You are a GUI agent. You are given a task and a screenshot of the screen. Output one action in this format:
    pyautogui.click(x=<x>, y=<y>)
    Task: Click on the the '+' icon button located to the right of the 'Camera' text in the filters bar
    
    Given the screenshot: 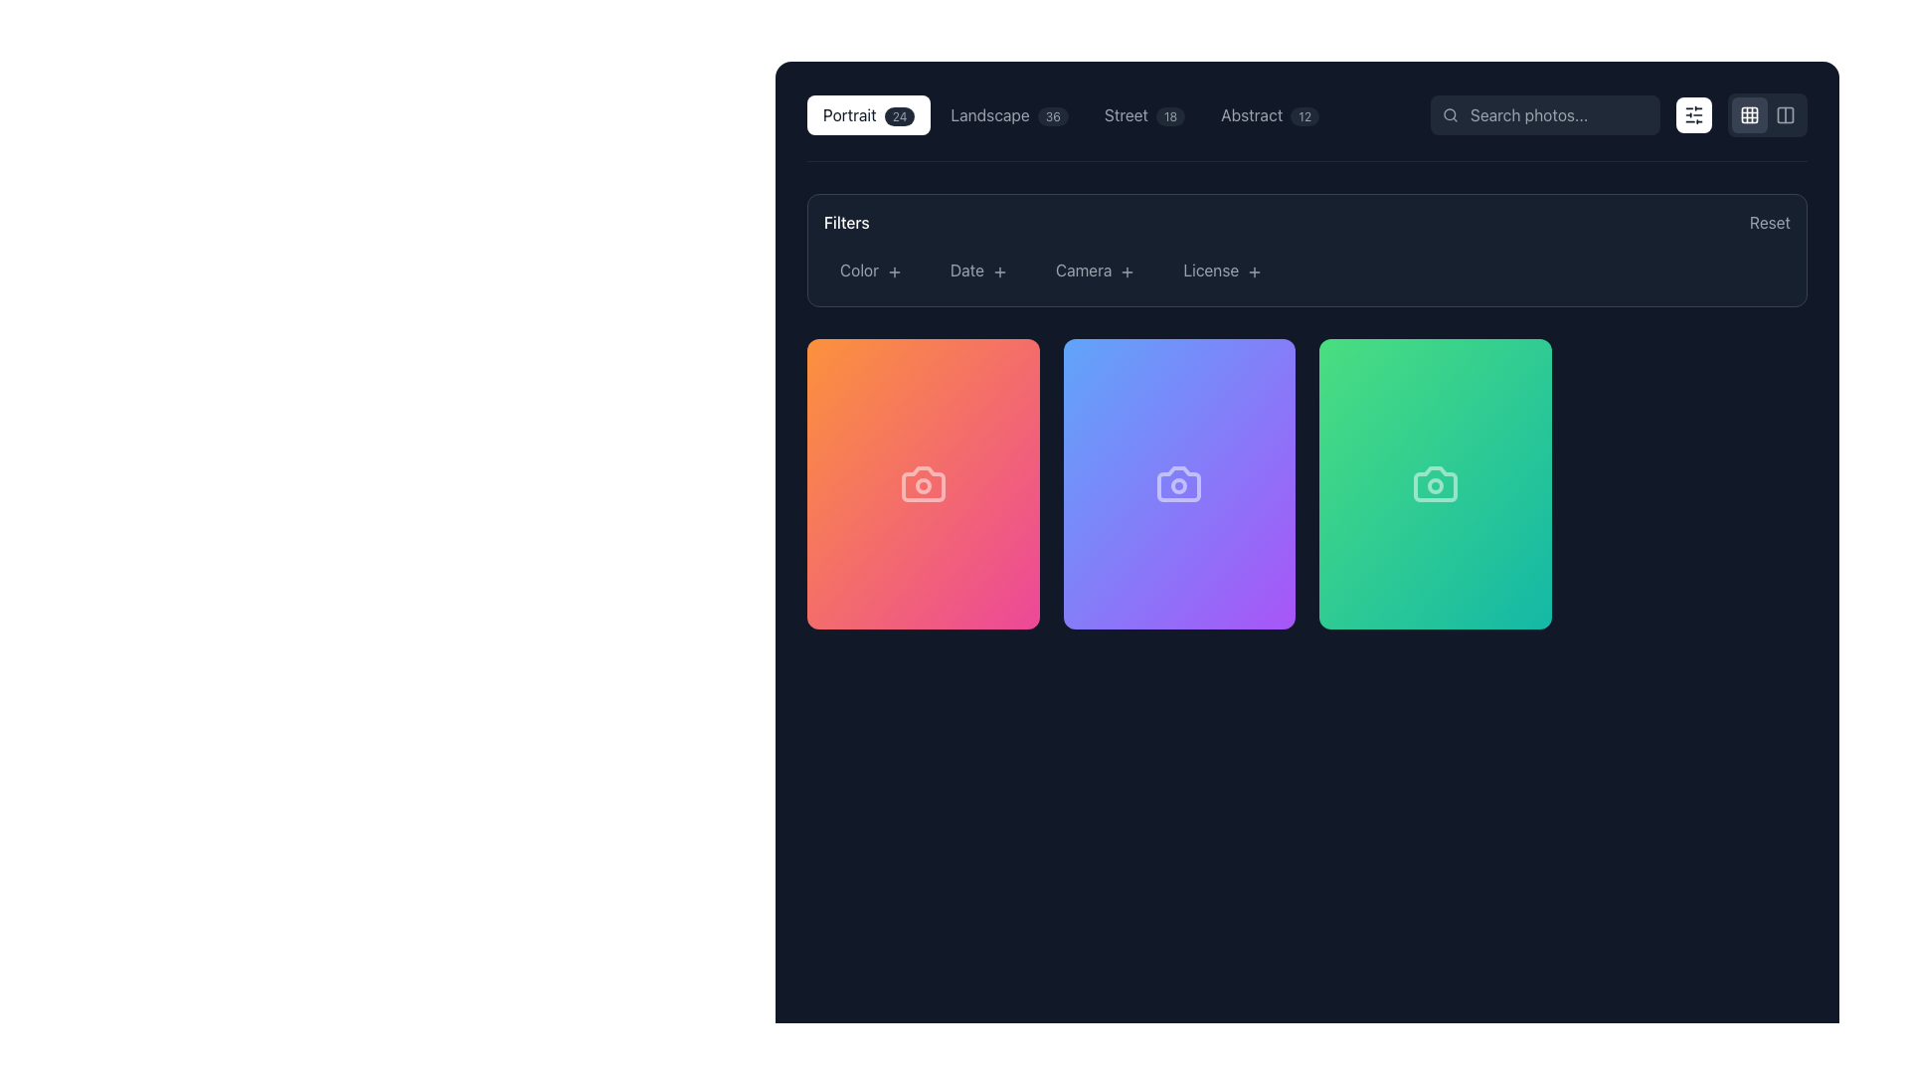 What is the action you would take?
    pyautogui.click(x=1128, y=271)
    